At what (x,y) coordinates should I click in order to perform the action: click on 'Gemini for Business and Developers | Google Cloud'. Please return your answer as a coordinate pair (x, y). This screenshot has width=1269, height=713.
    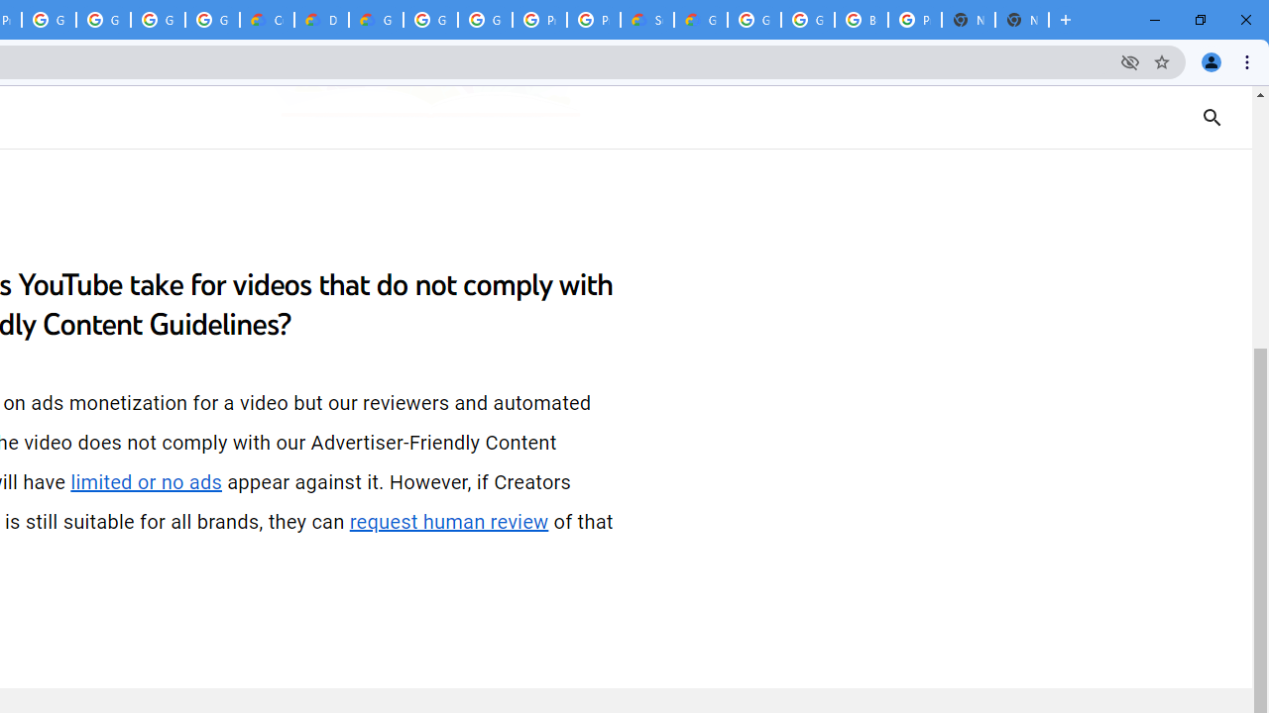
    Looking at the image, I should click on (376, 20).